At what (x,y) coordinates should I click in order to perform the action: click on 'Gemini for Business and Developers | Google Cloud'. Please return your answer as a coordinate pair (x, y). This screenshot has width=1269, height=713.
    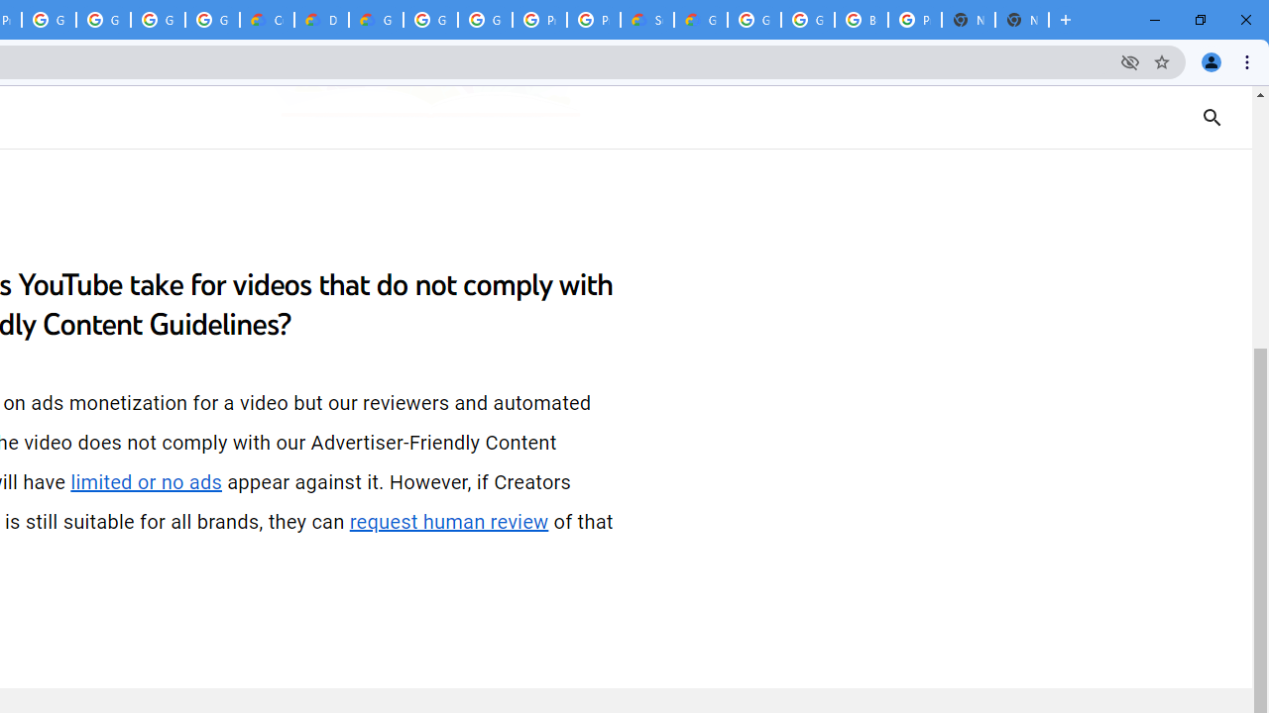
    Looking at the image, I should click on (376, 20).